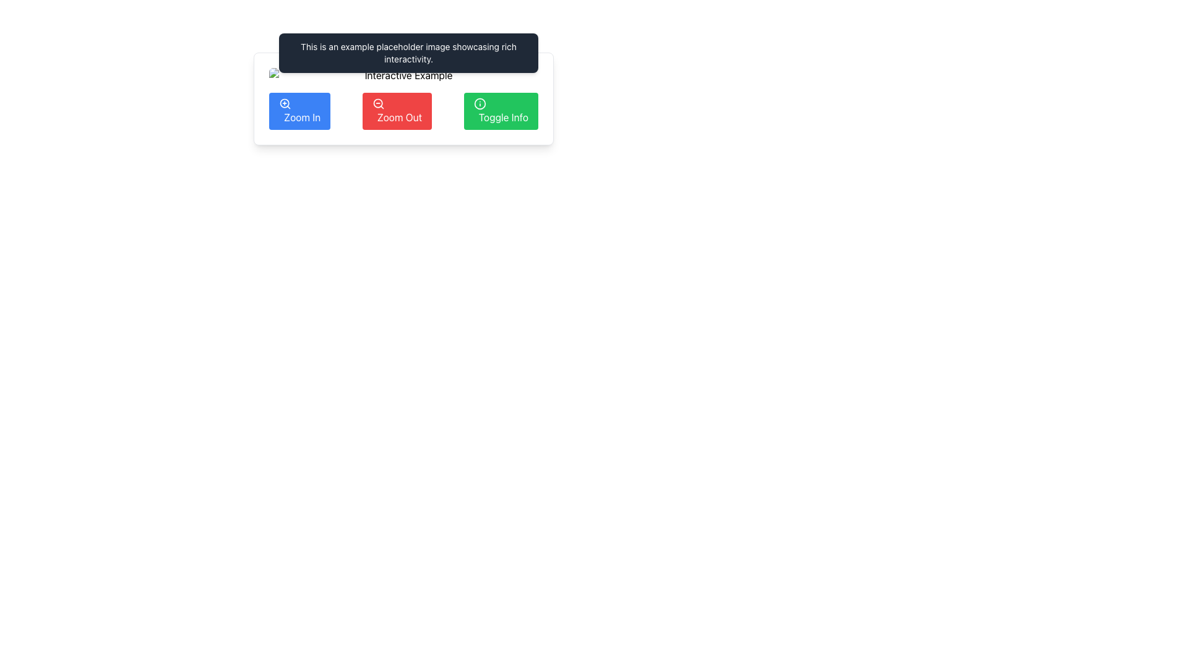 The image size is (1188, 668). Describe the element at coordinates (501, 111) in the screenshot. I see `the third button in a horizontal row of three buttons, located in the top-right corner` at that location.